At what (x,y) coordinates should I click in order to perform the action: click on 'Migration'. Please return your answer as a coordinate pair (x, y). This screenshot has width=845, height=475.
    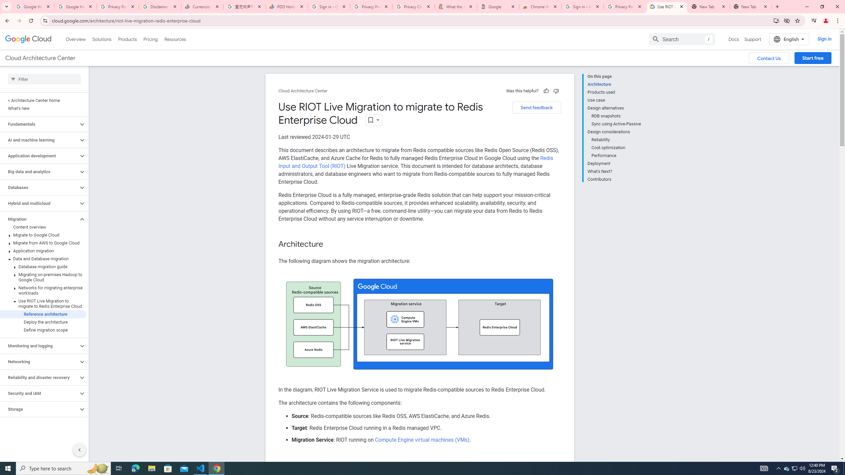
    Looking at the image, I should click on (39, 219).